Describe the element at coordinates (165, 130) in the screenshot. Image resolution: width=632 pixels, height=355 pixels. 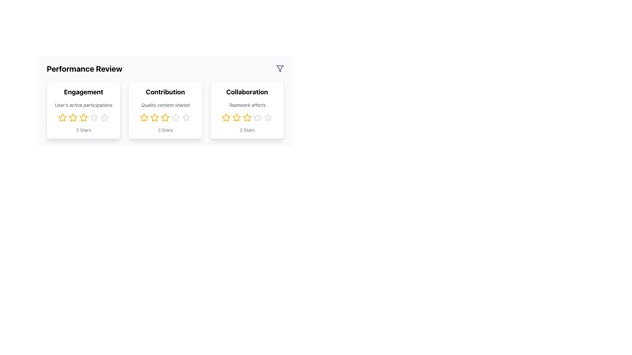
I see `text displayed in the '3 Stars' label at the bottom of the 'Contribution' card` at that location.